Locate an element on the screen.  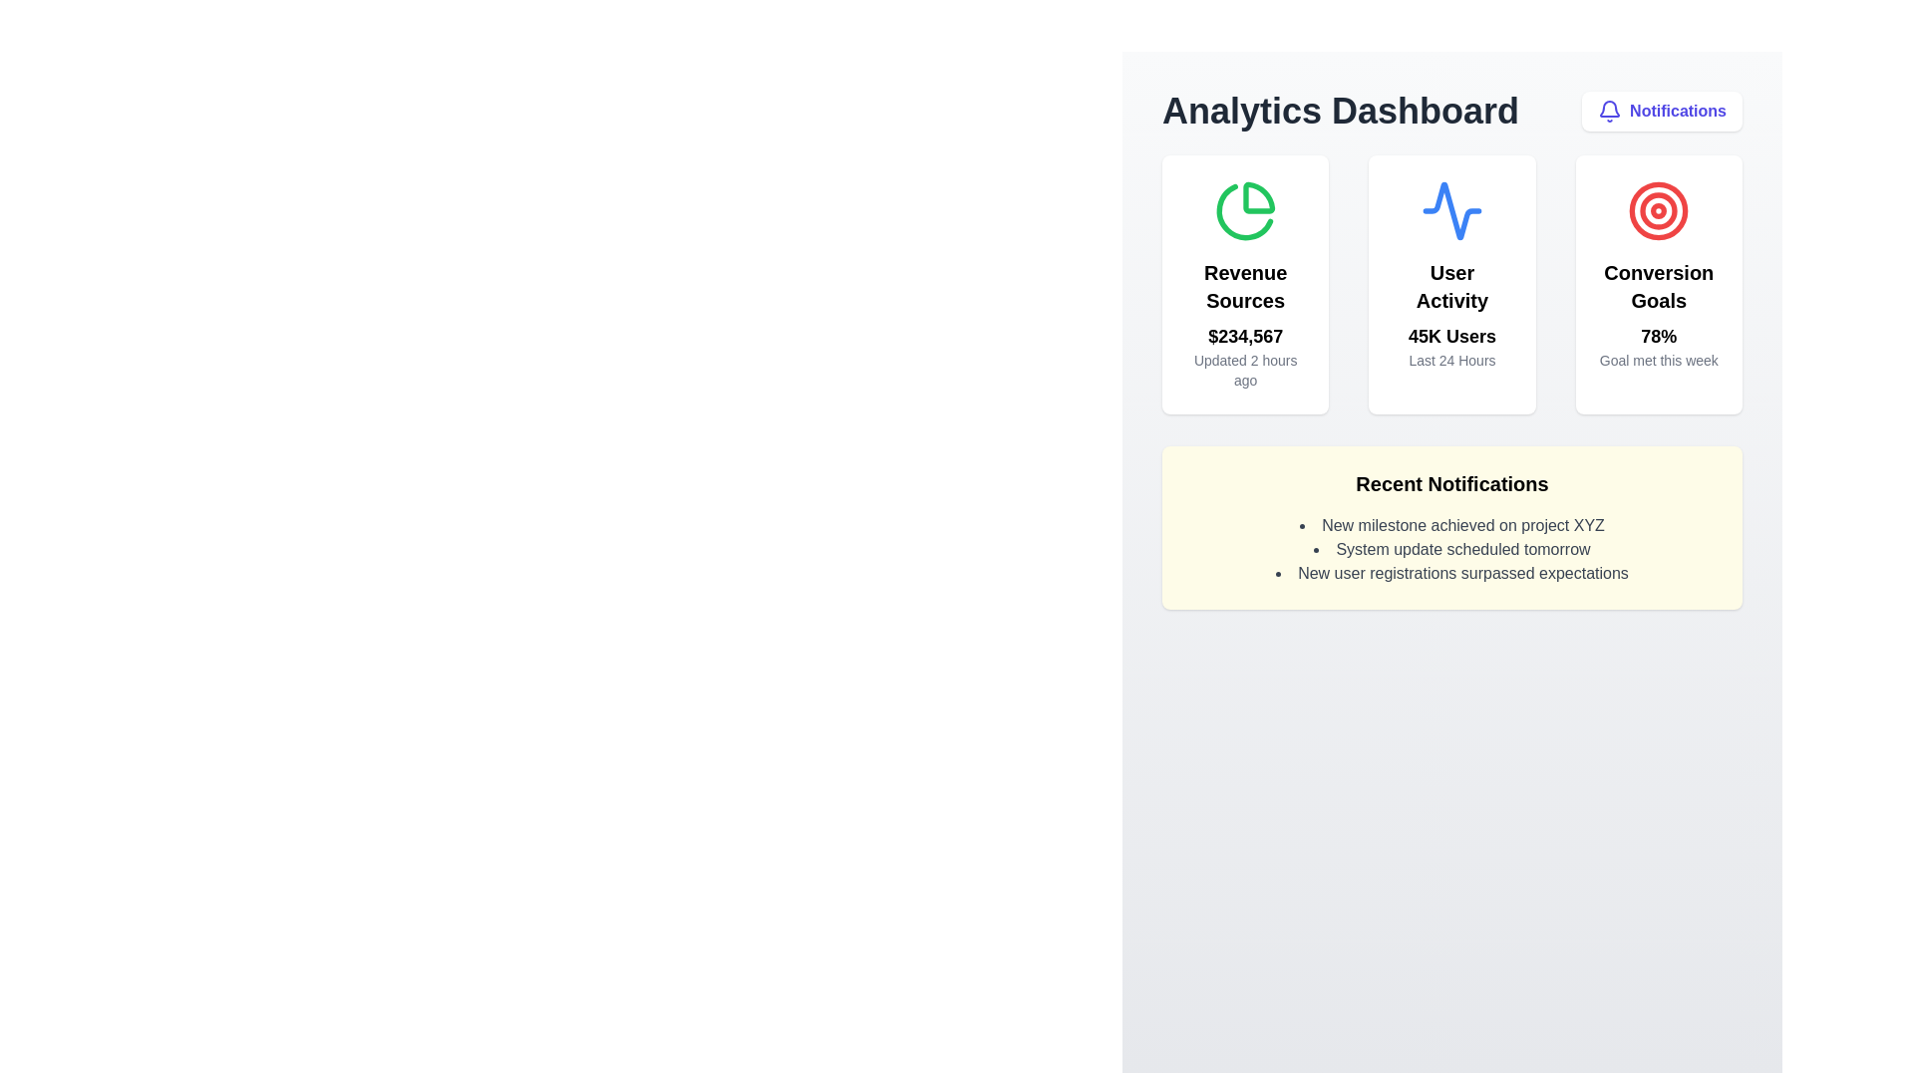
the blue zigzag line icon representing activity, located at the top center of the 'User Activity' card, above the text 'User Activity.' is located at coordinates (1451, 211).